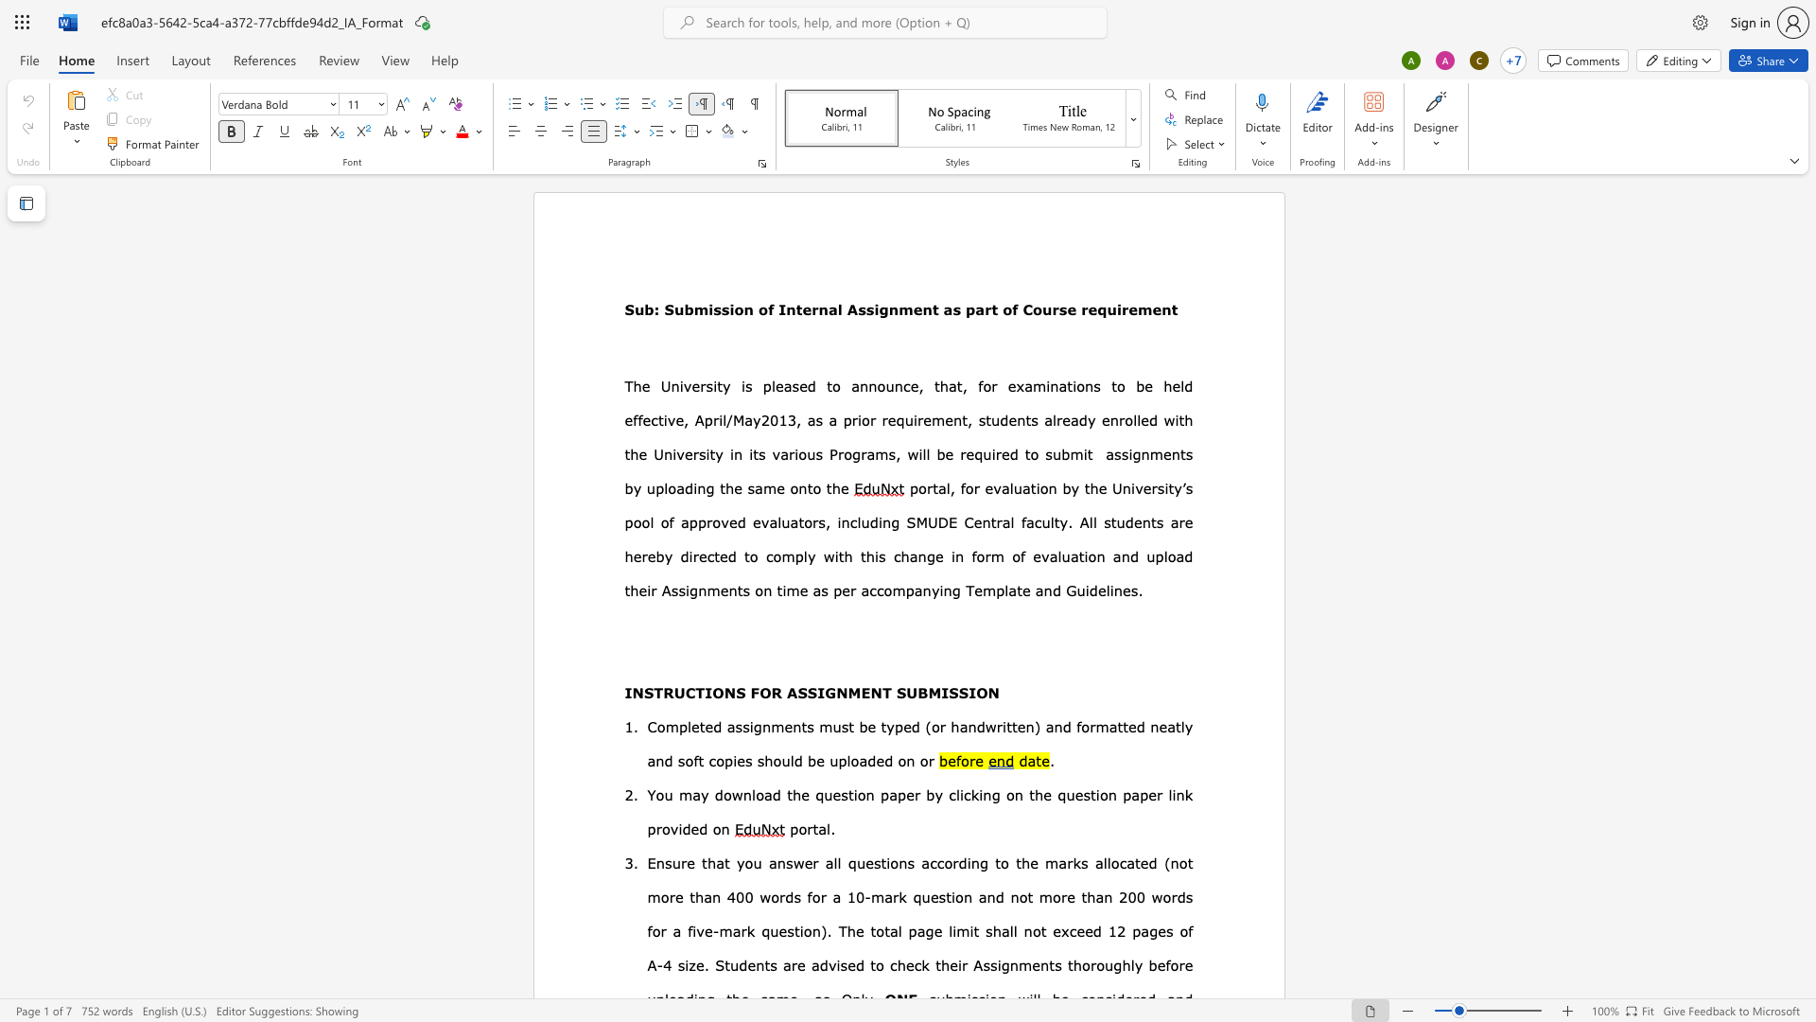  What do you see at coordinates (1117, 385) in the screenshot?
I see `the space between the continuous character "t" and "o" in the text` at bounding box center [1117, 385].